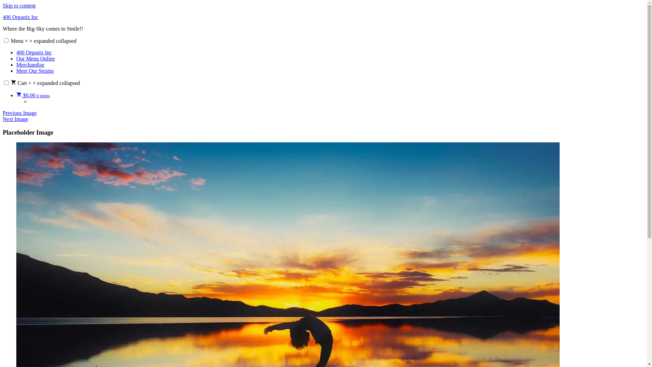 The height and width of the screenshot is (367, 652). Describe the element at coordinates (16, 65) in the screenshot. I see `'Merchandise'` at that location.